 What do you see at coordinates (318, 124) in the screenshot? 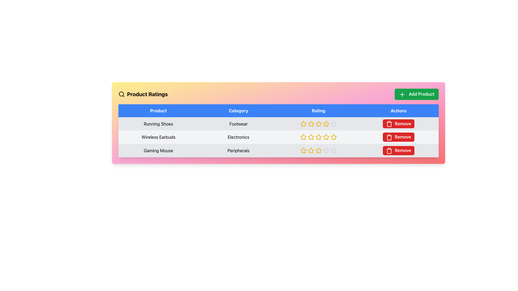
I see `the yellow star-shaped graphical icon representing the rating value for the product 'Running Shoes' in the 'Rating' column` at bounding box center [318, 124].